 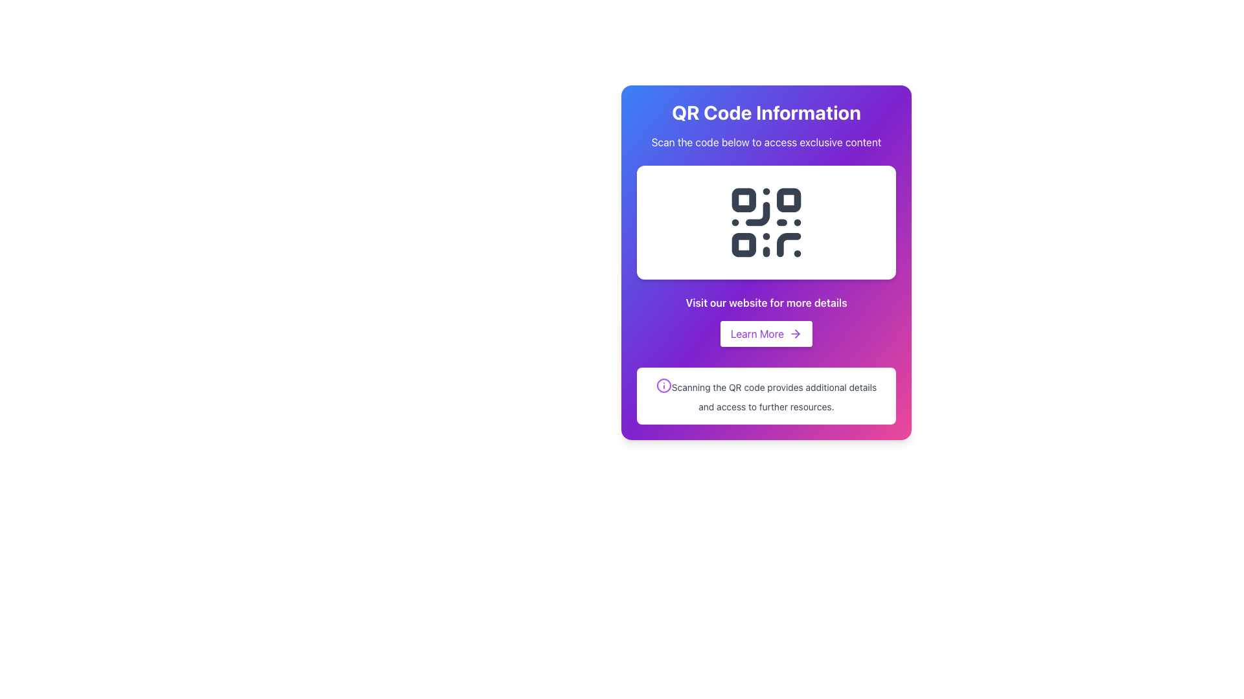 I want to click on the header text block that provides introductory information about the QR code, located centrally at the upper section of a card-like layout with rounded corners and a gradient background, so click(x=766, y=125).